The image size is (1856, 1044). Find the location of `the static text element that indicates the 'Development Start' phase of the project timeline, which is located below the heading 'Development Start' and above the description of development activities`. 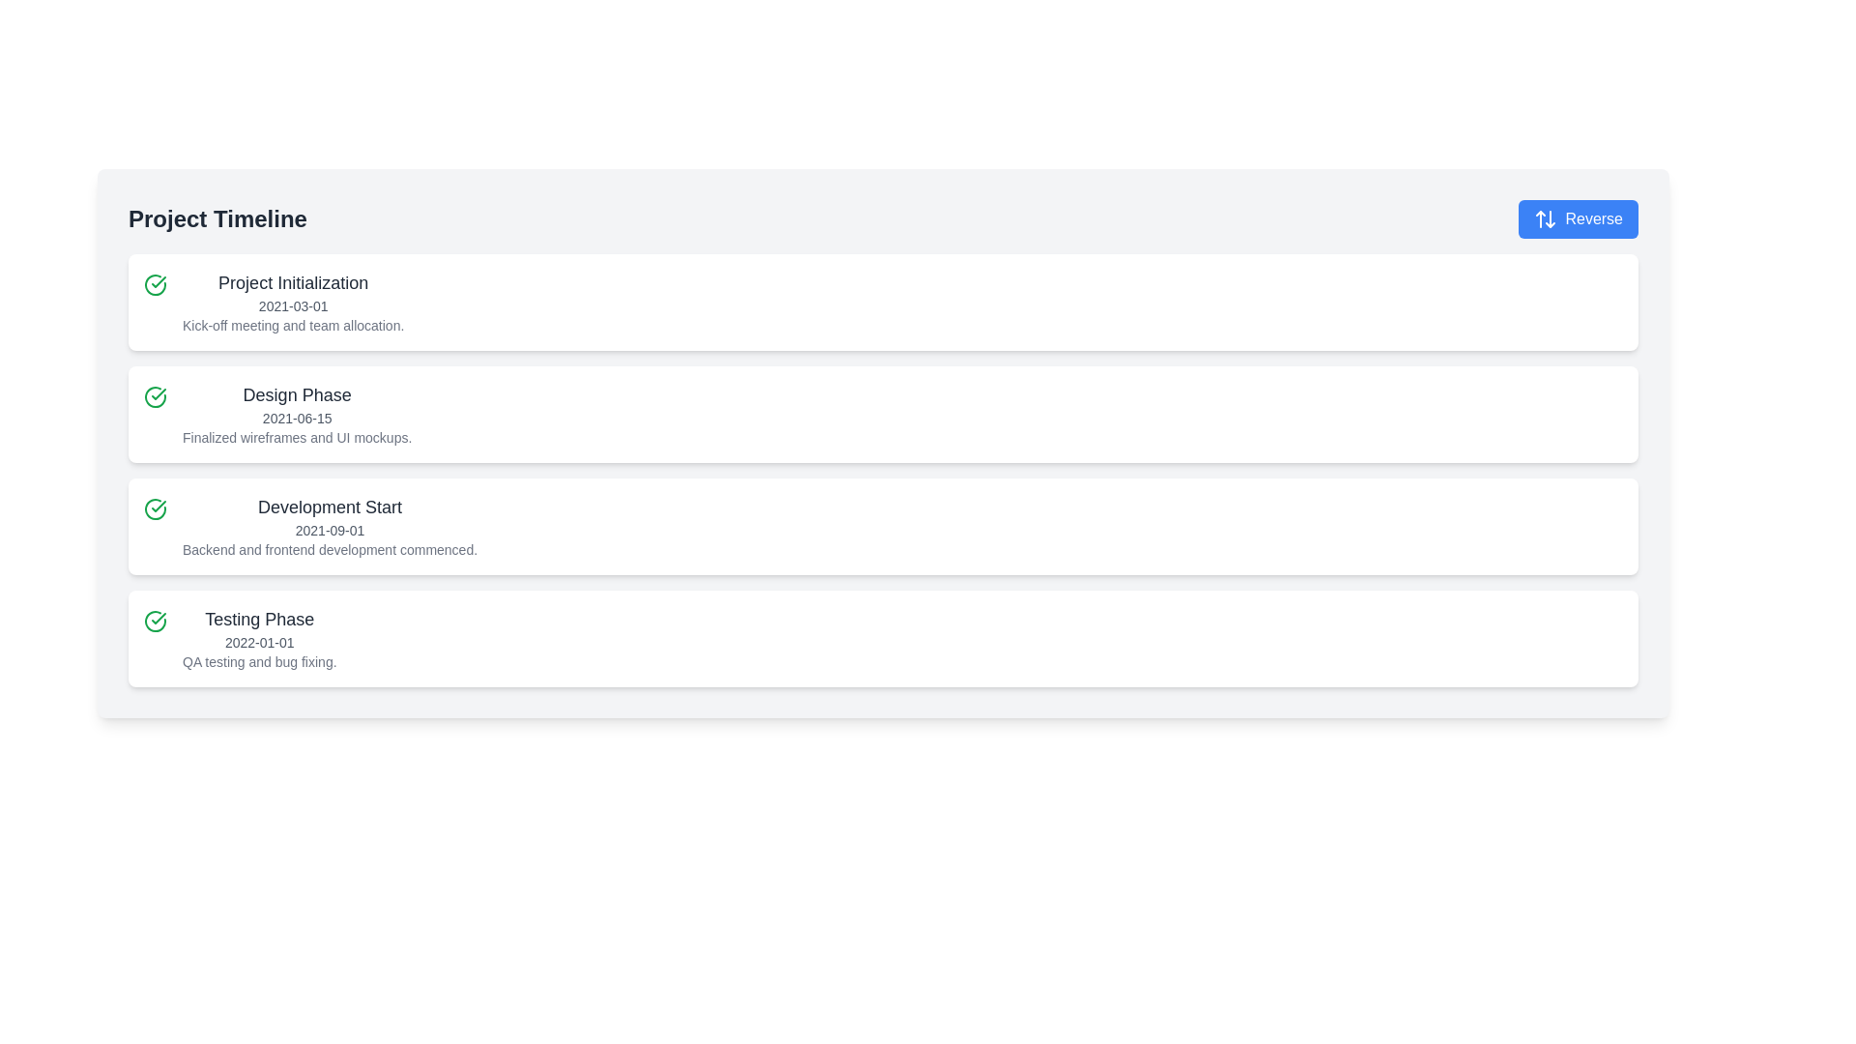

the static text element that indicates the 'Development Start' phase of the project timeline, which is located below the heading 'Development Start' and above the description of development activities is located at coordinates (330, 530).